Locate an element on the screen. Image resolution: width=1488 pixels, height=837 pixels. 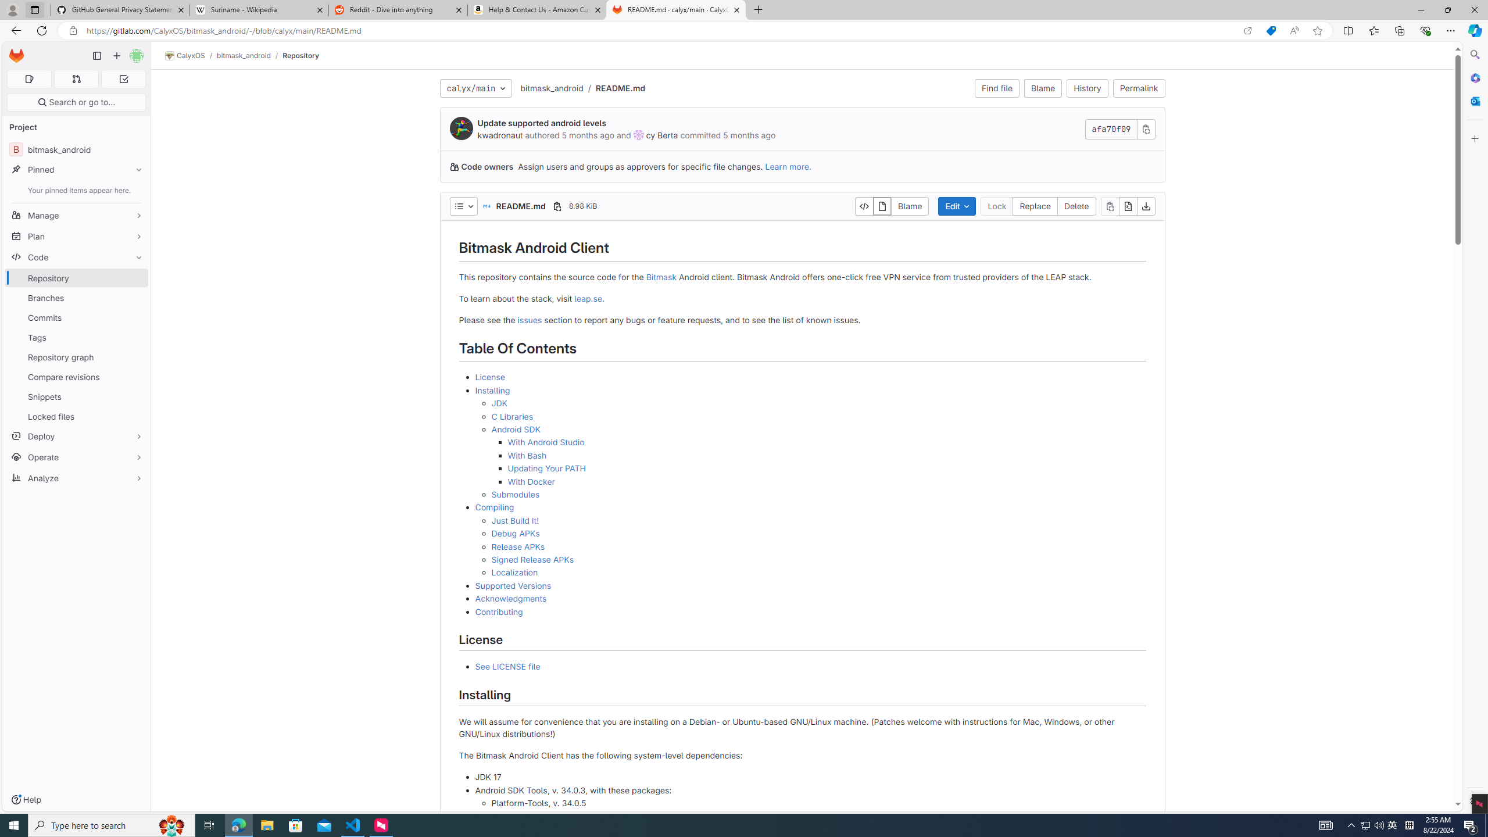
'Replace' is located at coordinates (1035, 205).